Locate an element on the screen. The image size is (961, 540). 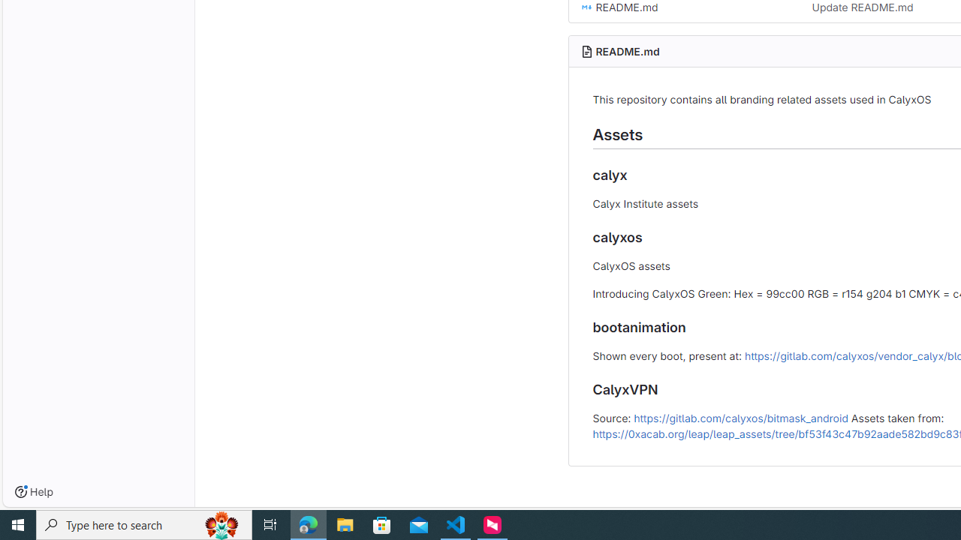
'https://gitlab.com/calyxos/bitmask_android' is located at coordinates (740, 417).